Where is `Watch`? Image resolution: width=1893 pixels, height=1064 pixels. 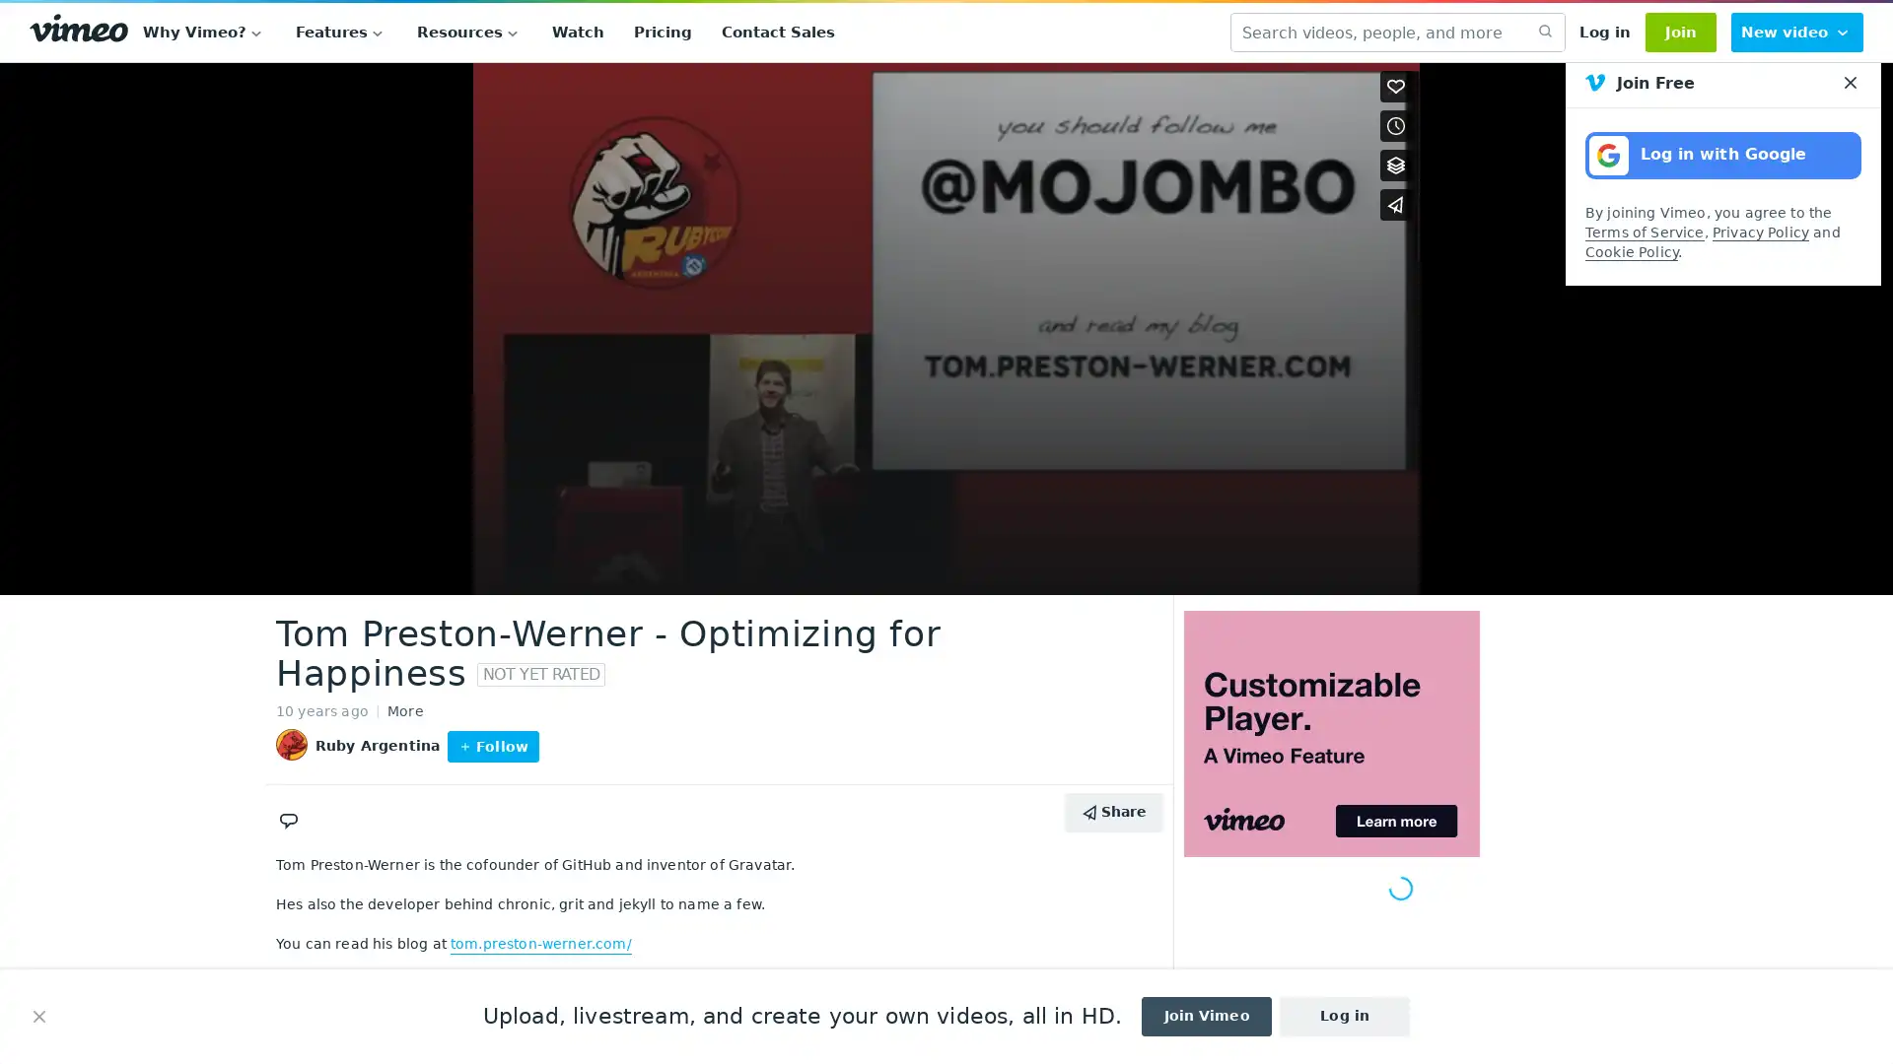
Watch is located at coordinates (577, 33).